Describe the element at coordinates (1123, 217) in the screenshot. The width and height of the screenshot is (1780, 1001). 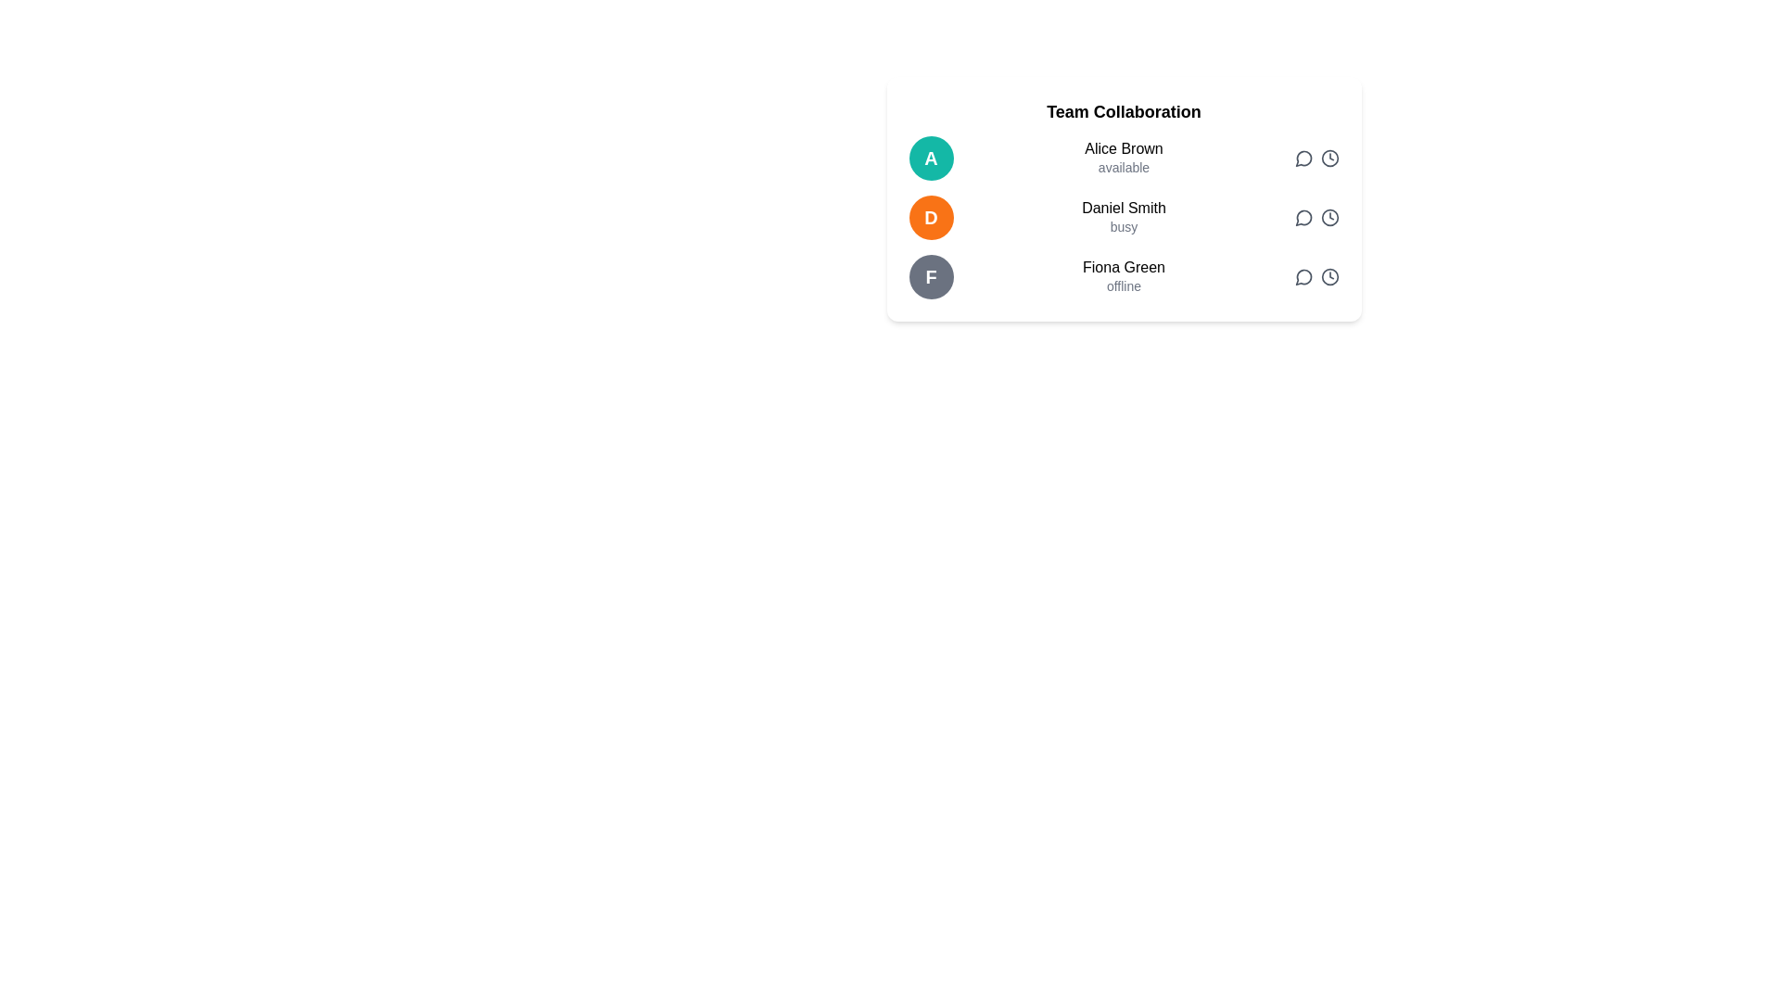
I see `the second entry in the team member list under 'Team Collaboration'` at that location.